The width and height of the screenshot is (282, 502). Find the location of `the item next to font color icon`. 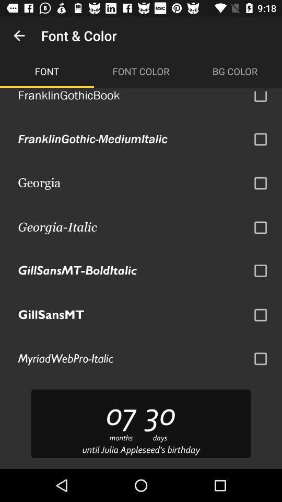

the item next to font color icon is located at coordinates (234, 71).